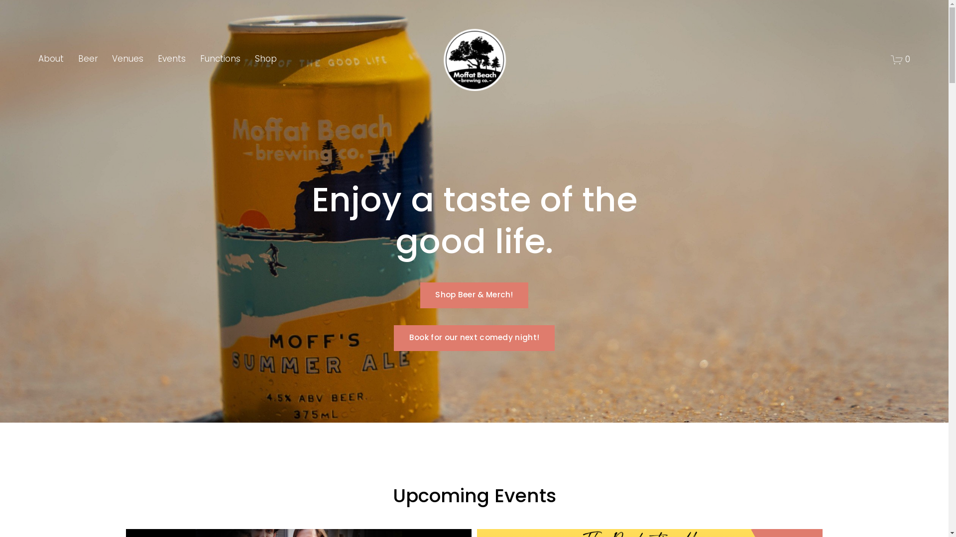  What do you see at coordinates (474, 295) in the screenshot?
I see `'Shop Beer & Merch!'` at bounding box center [474, 295].